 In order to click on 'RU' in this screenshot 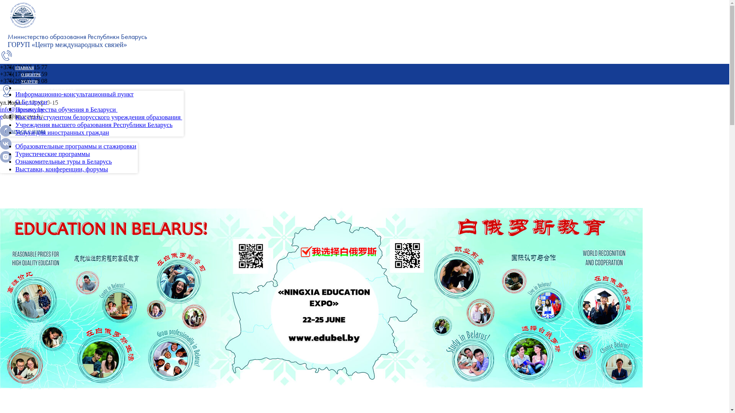, I will do `click(0, 175)`.